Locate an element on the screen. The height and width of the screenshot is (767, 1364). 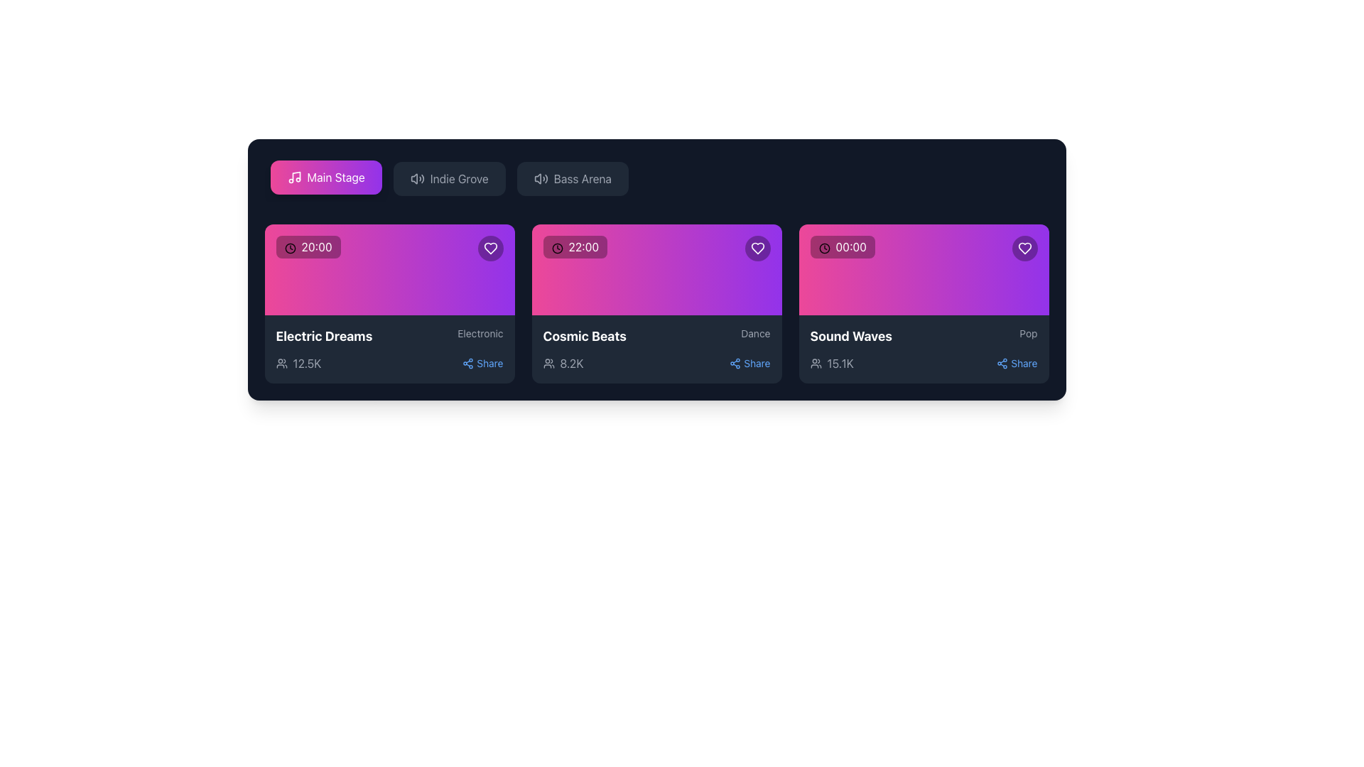
the 'Indie Grove' button, which is a horizontally aligned button with a dark gray background and rounded corners is located at coordinates (448, 178).